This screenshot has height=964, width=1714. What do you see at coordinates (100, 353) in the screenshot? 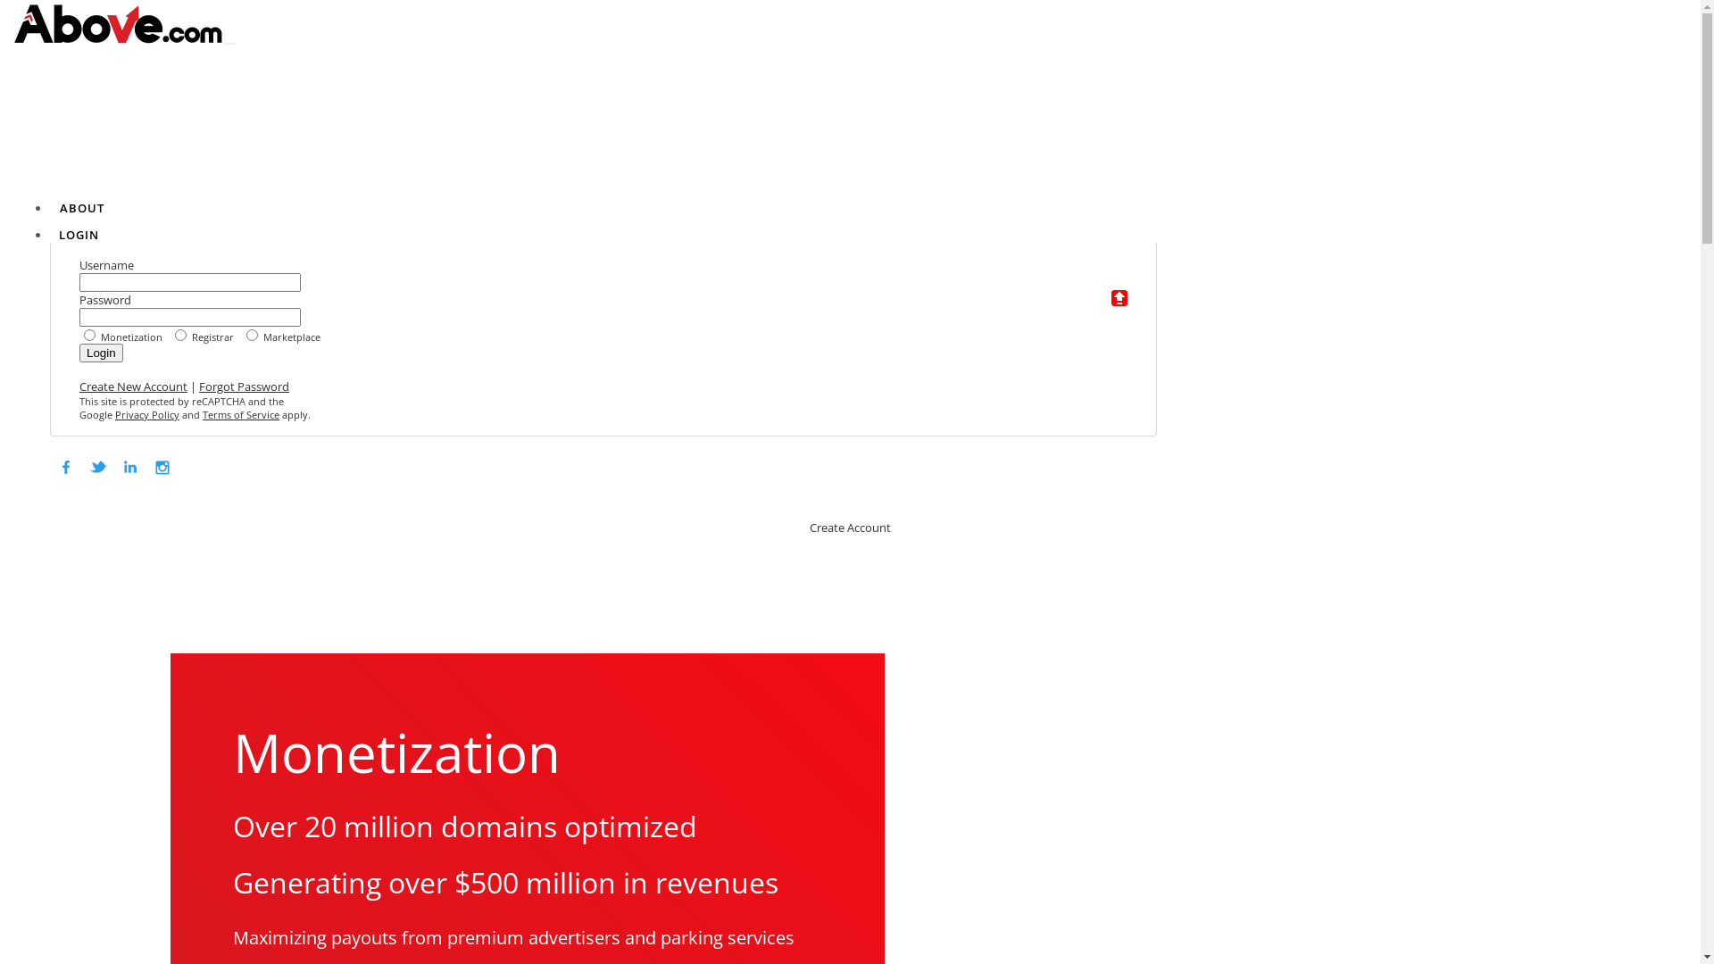
I see `'Login'` at bounding box center [100, 353].